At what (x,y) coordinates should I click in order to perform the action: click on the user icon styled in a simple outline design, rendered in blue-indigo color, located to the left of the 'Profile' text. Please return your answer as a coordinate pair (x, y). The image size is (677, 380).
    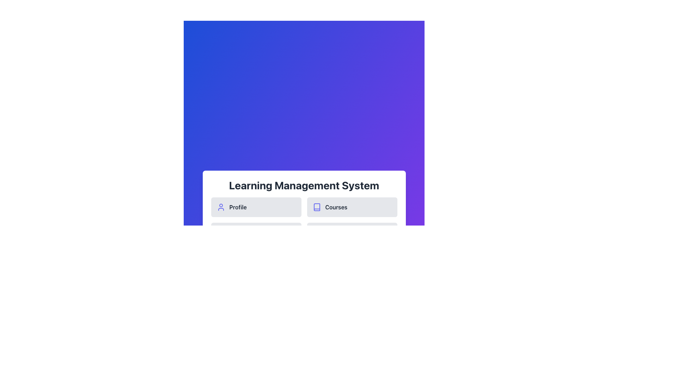
    Looking at the image, I should click on (220, 207).